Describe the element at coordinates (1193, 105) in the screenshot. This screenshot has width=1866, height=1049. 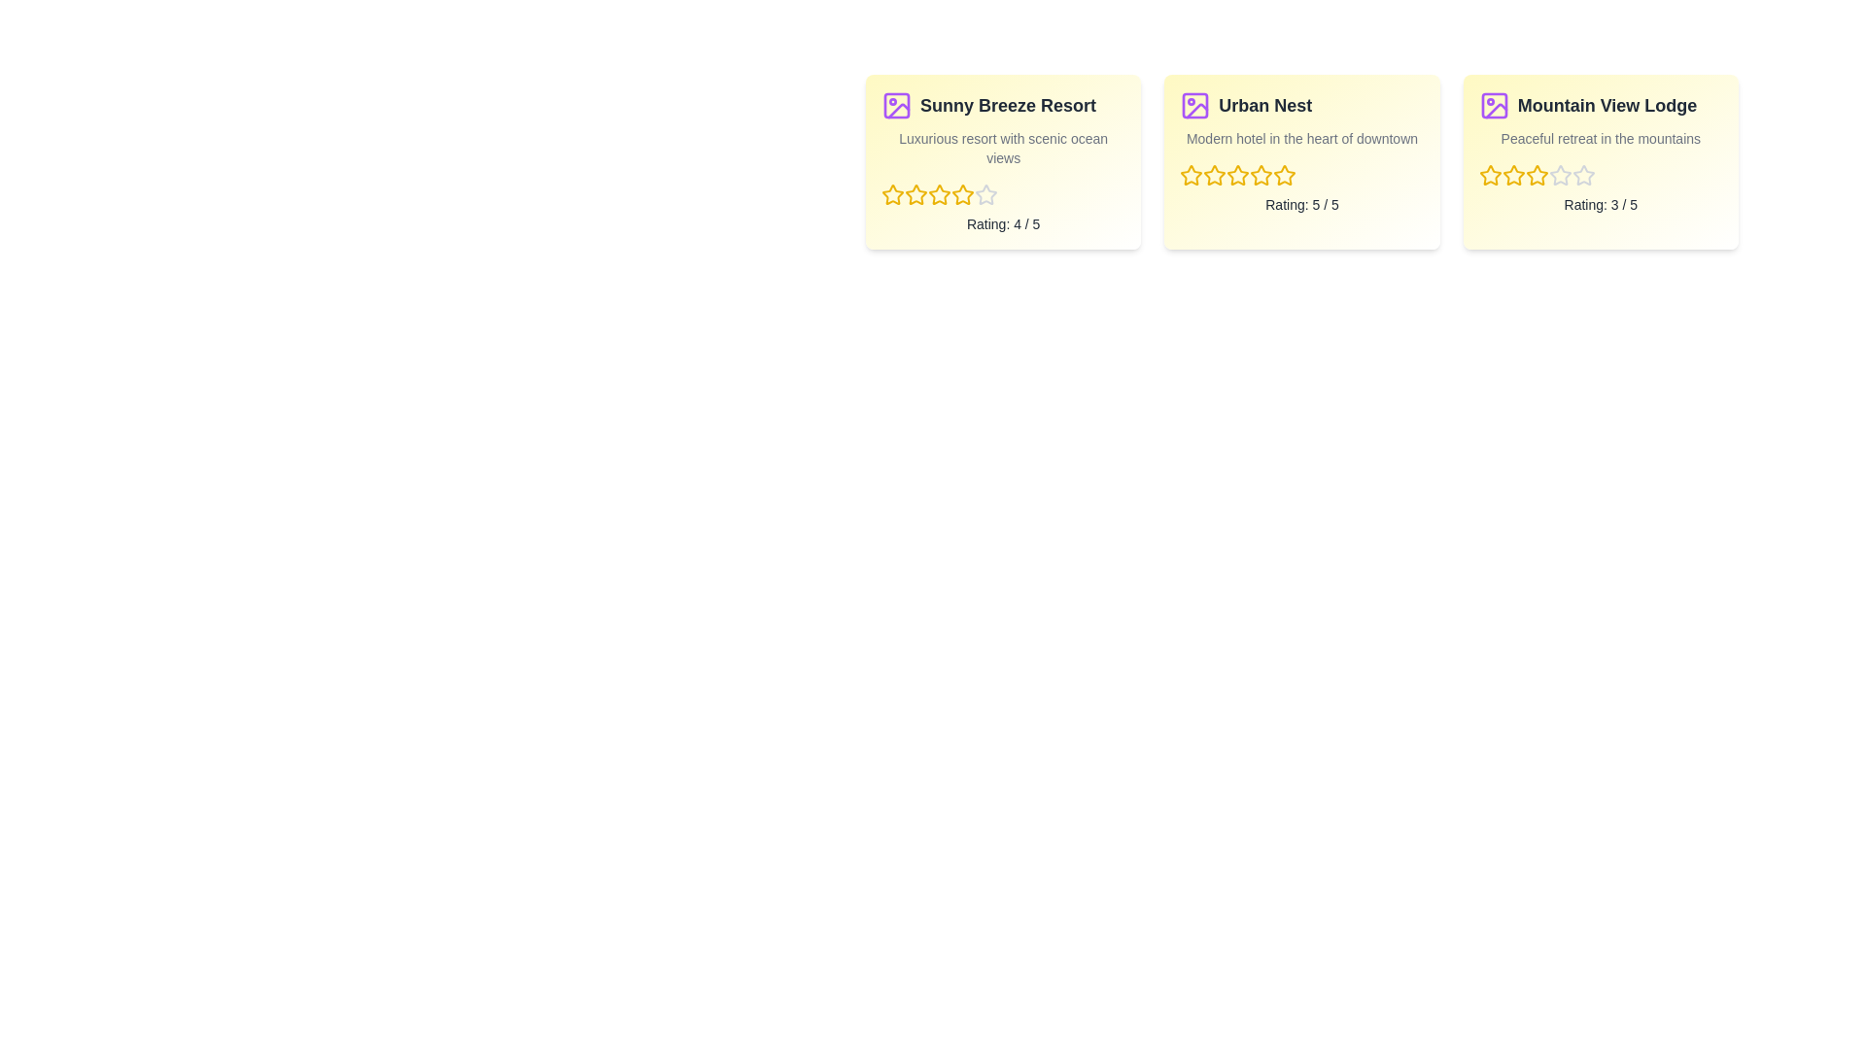
I see `the image icon of the hotel named Urban Nest` at that location.